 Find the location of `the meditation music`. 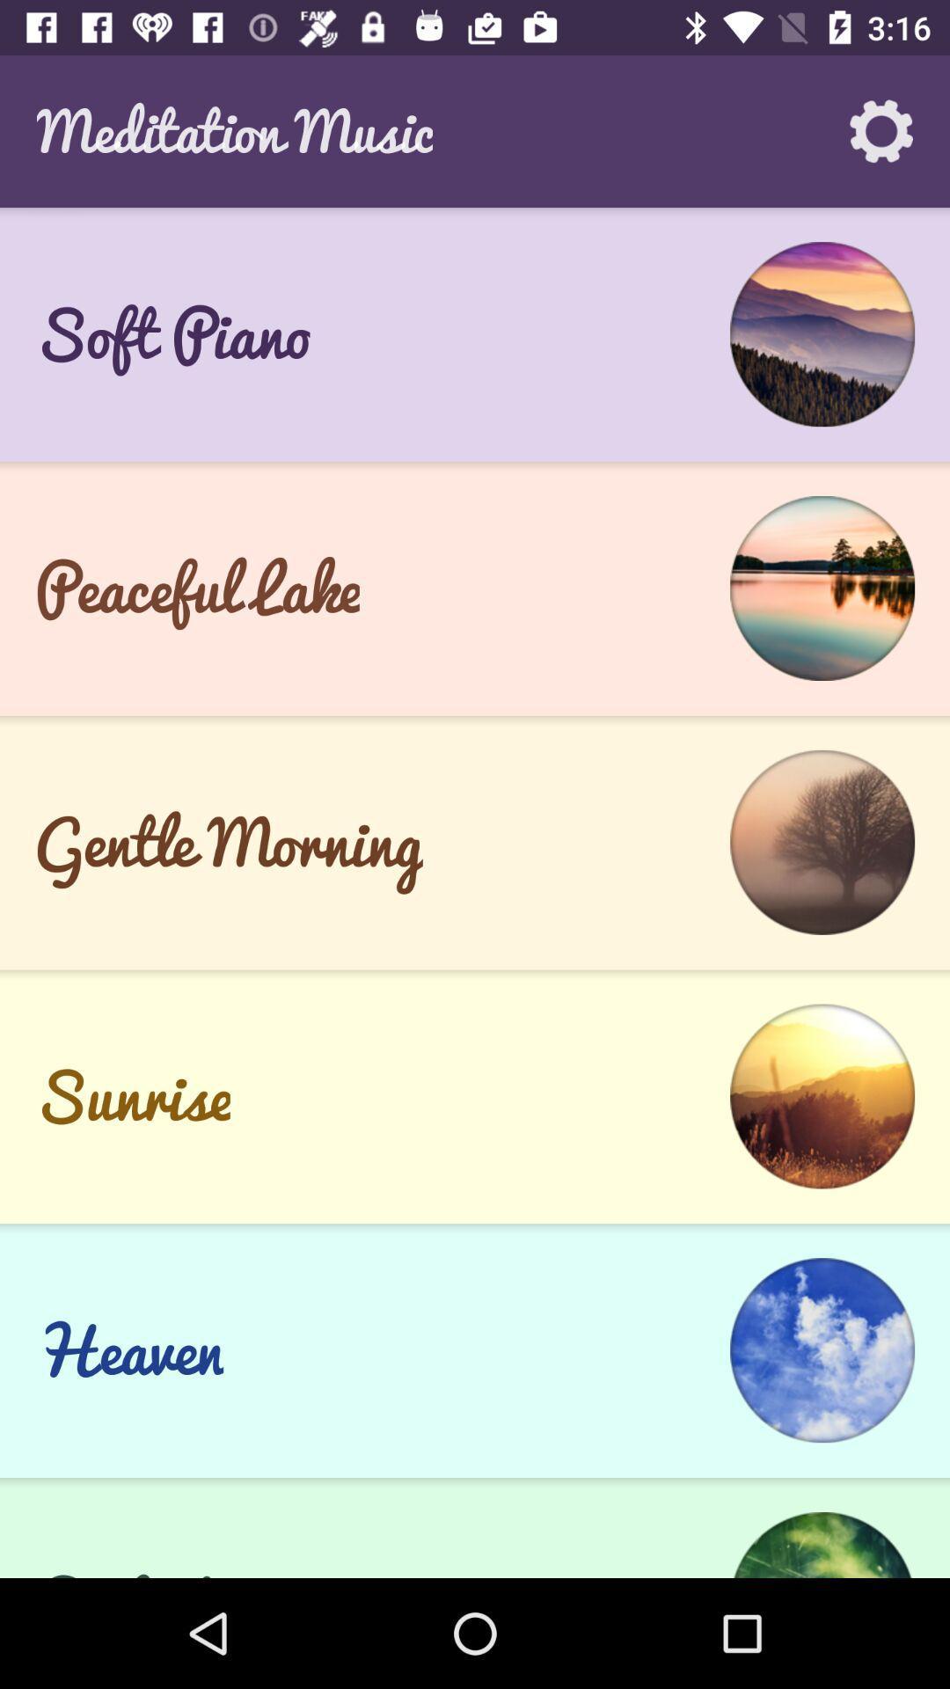

the meditation music is located at coordinates (233, 130).